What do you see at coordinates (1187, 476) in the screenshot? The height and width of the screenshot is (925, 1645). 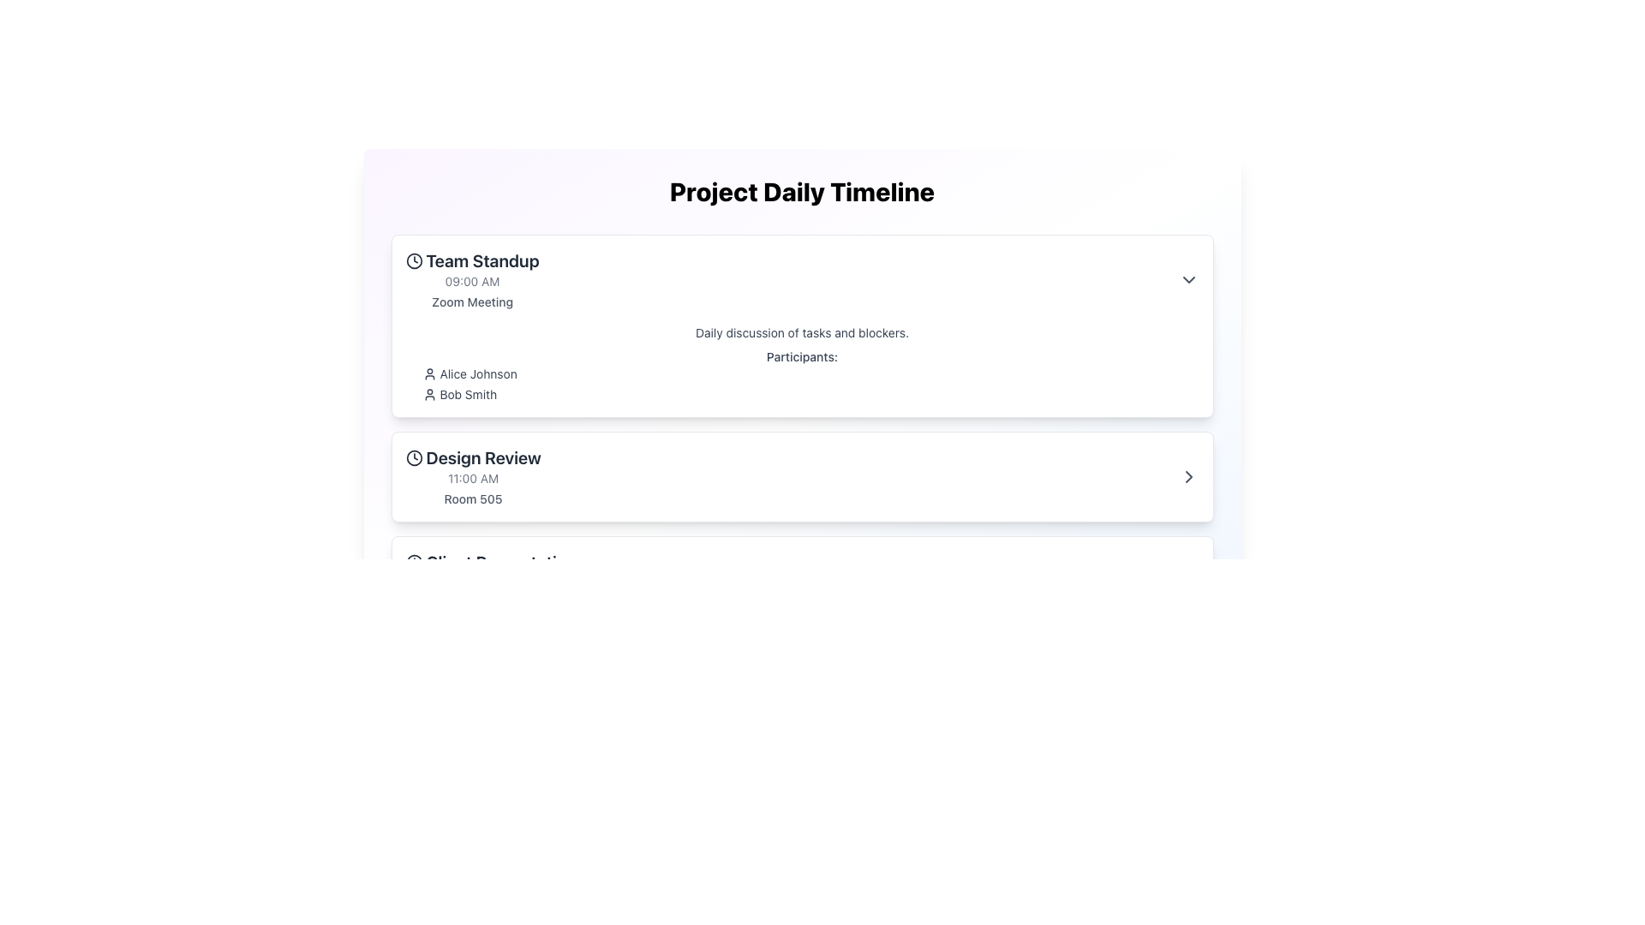 I see `the rightward-pointing chevron icon located in the 'Design Review' section of the timeline` at bounding box center [1187, 476].